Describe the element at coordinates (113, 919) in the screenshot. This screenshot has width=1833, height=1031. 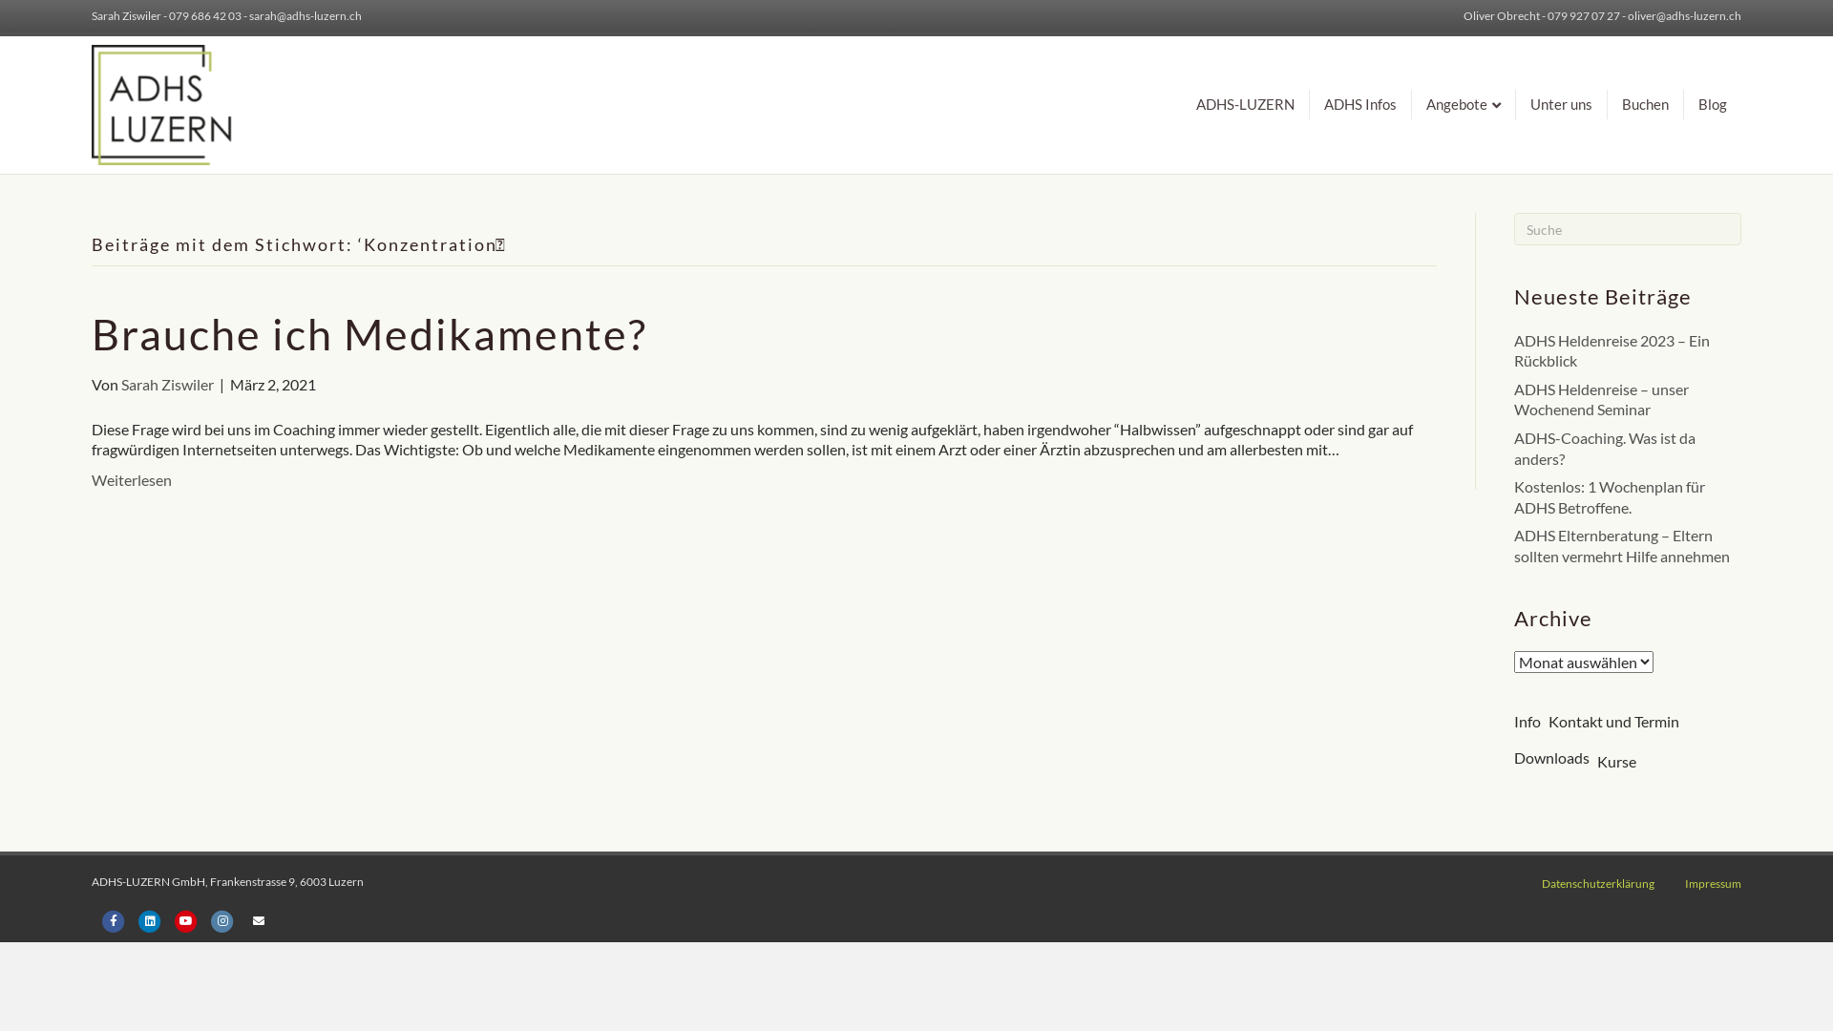
I see `'Facebook'` at that location.